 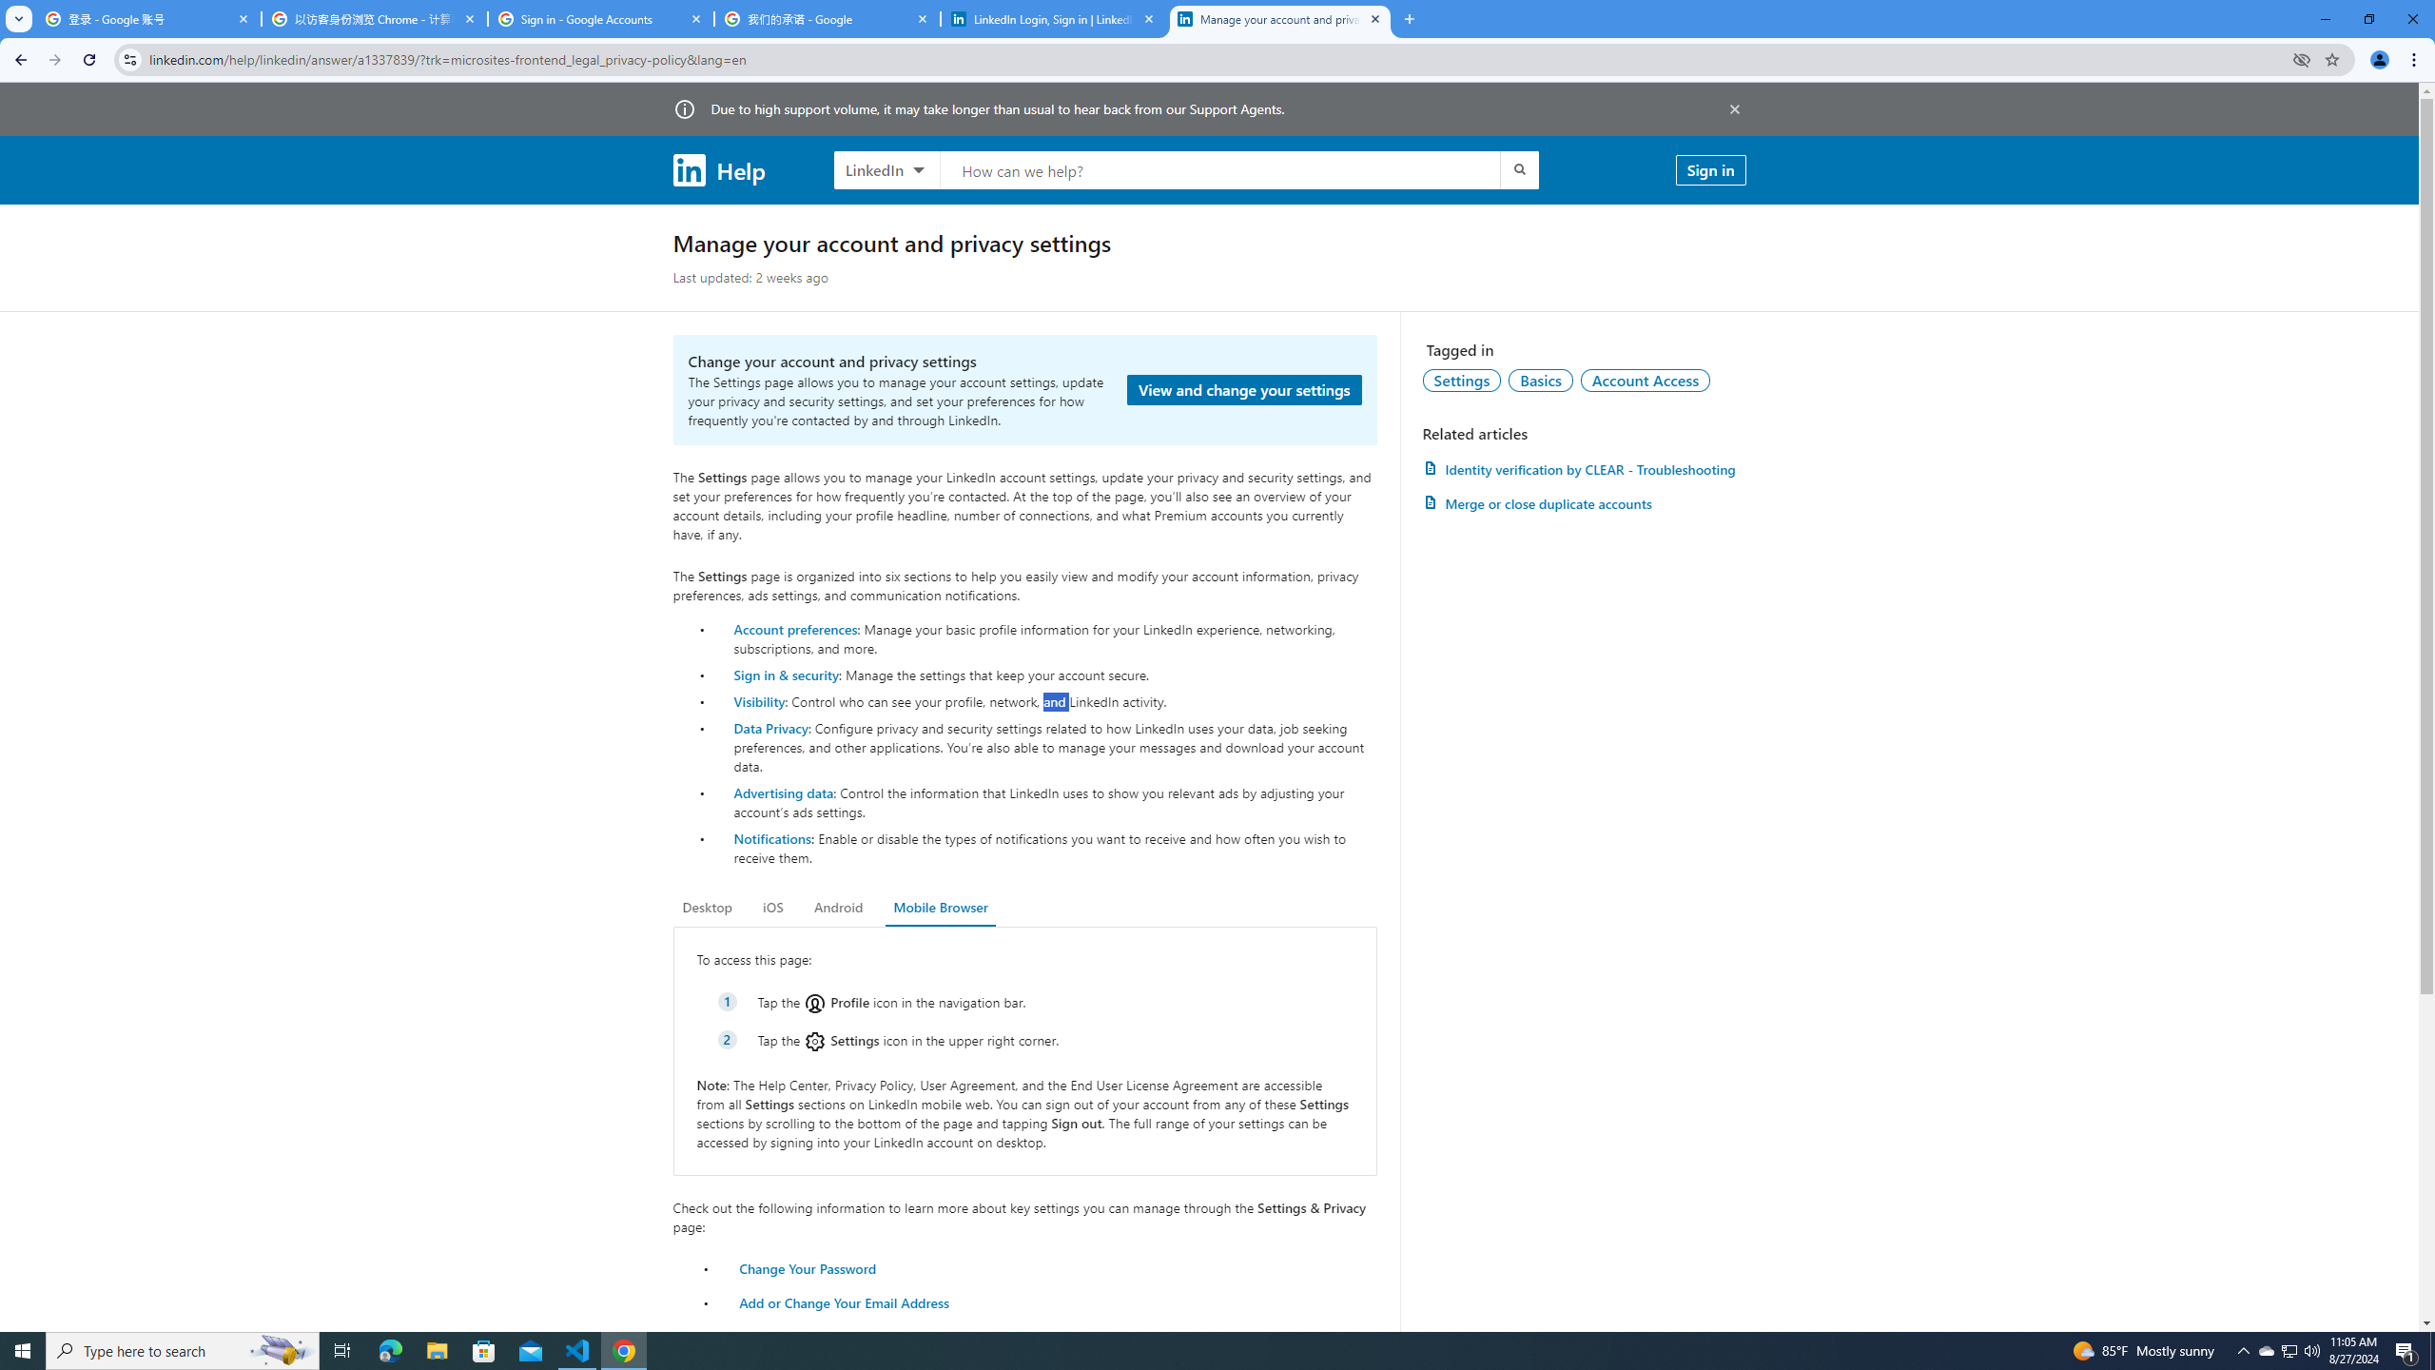 I want to click on 'Sign in - Google Accounts', so click(x=600, y=18).